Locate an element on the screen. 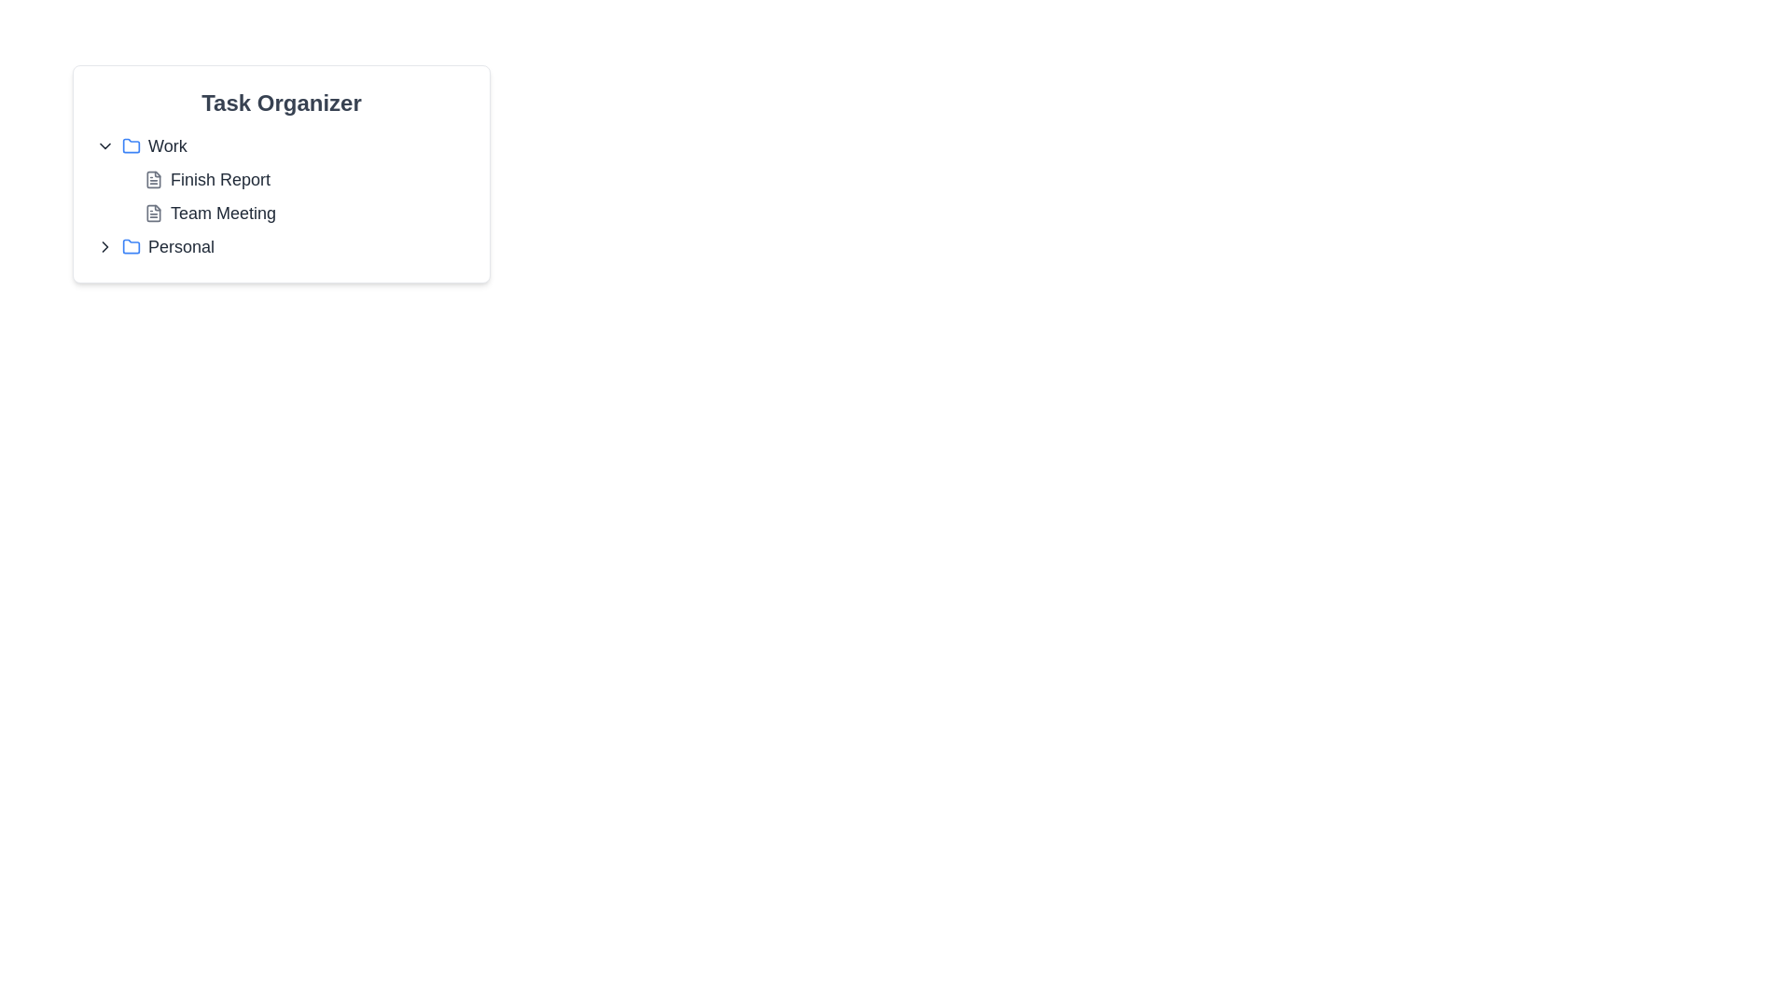  the text document icon located to the left of 'Finish Report' in the 'Task Organizer' widget is located at coordinates (153, 179).